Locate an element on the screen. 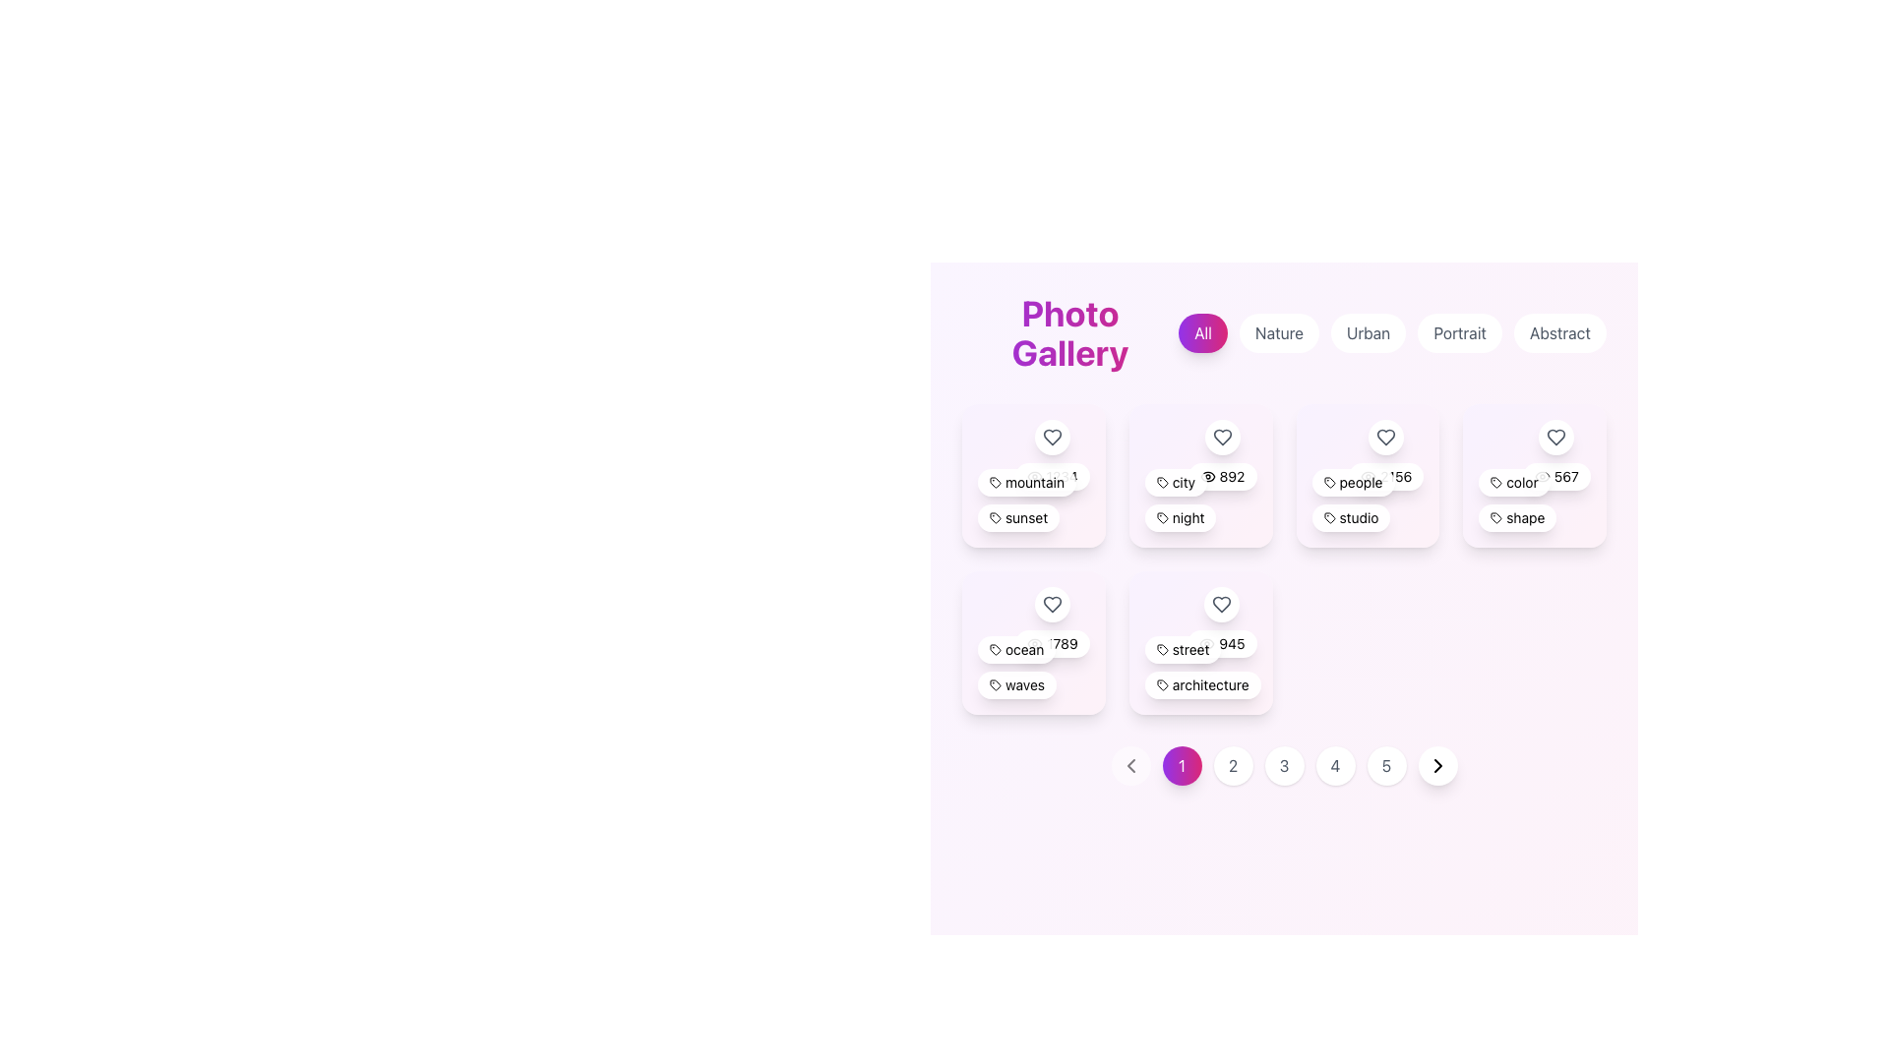 This screenshot has height=1062, width=1889. the heart icon on the 'citynight' card, which is the second card in the second row of the grid layout, to mark it as a favorite is located at coordinates (1199, 475).